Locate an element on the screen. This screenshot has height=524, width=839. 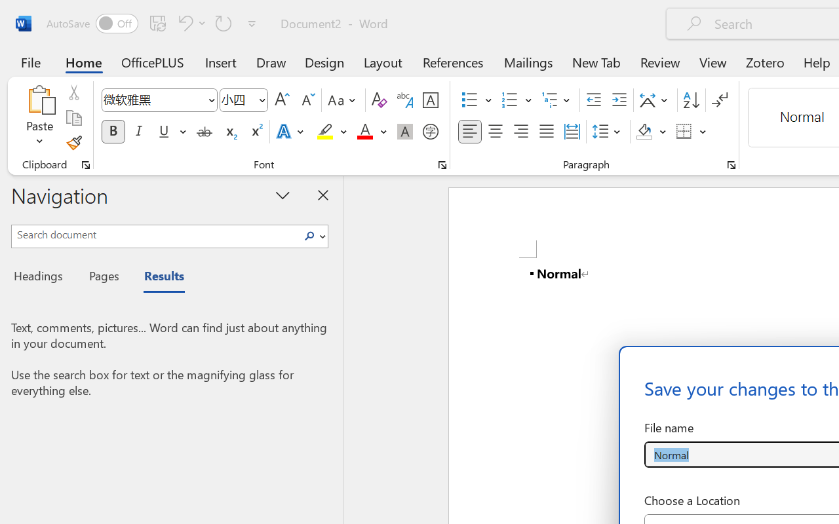
'Change Case' is located at coordinates (343, 100).